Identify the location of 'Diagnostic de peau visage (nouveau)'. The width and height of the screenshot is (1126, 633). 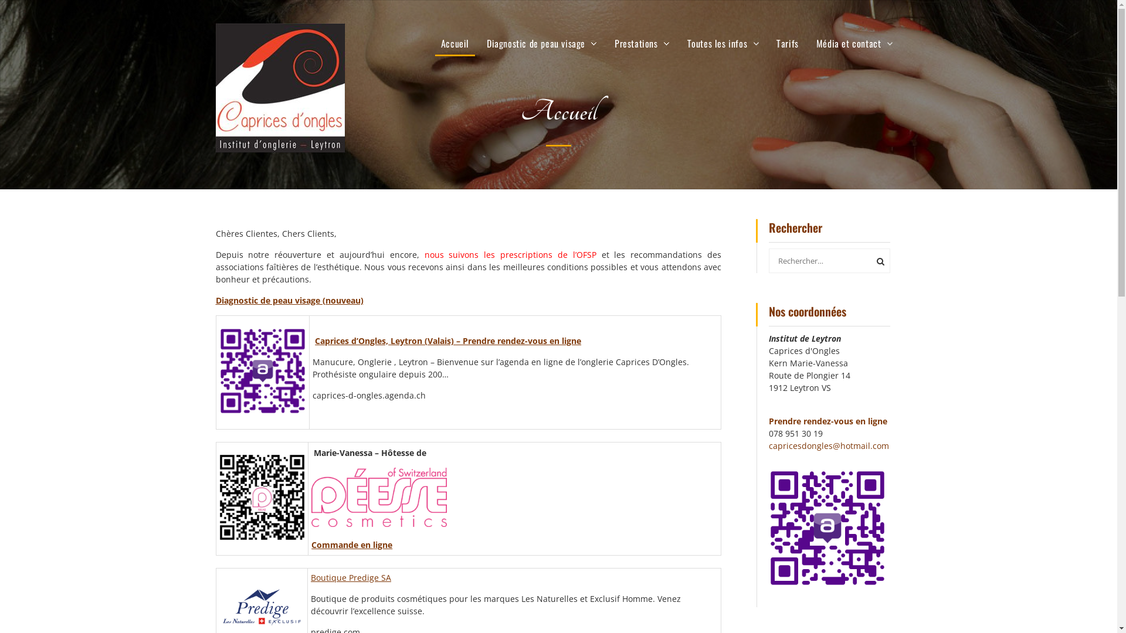
(290, 299).